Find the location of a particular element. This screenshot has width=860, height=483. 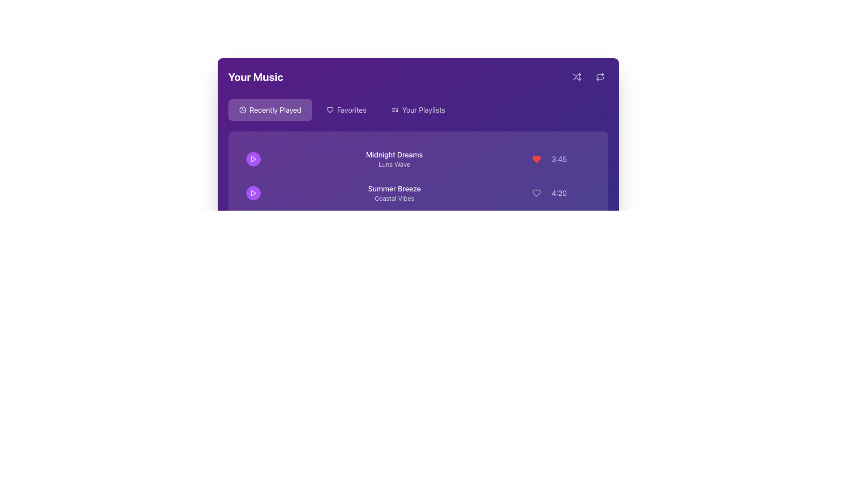

the main title text element for a music track or playlist, which is positioned above the secondary text 'Luna Wave' and aligned to the left in the upper section of the list entry is located at coordinates (394, 154).